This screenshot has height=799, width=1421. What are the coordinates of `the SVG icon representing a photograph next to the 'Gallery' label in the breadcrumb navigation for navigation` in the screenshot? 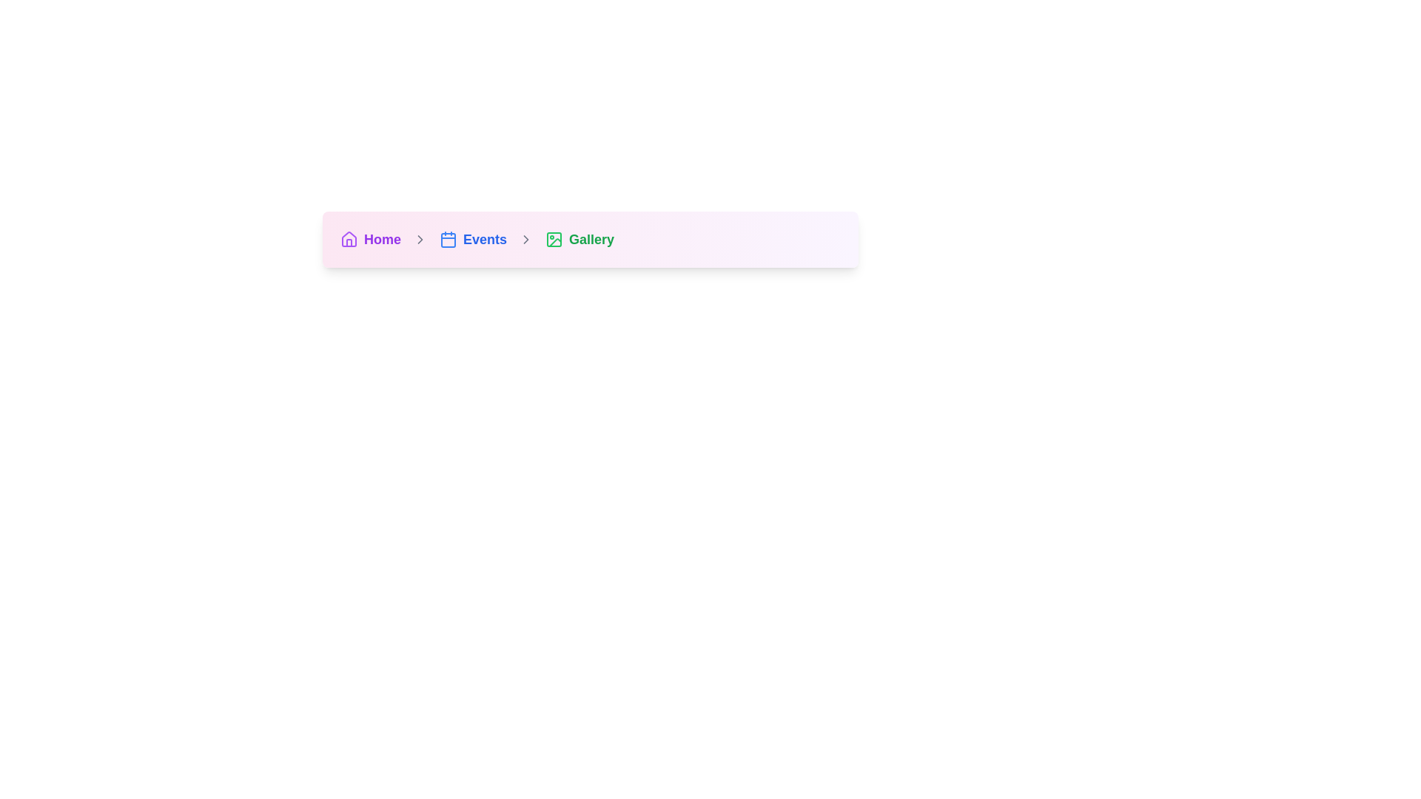 It's located at (554, 242).